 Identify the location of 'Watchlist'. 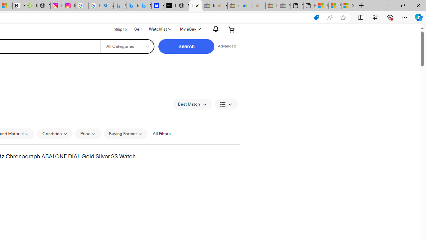
(160, 29).